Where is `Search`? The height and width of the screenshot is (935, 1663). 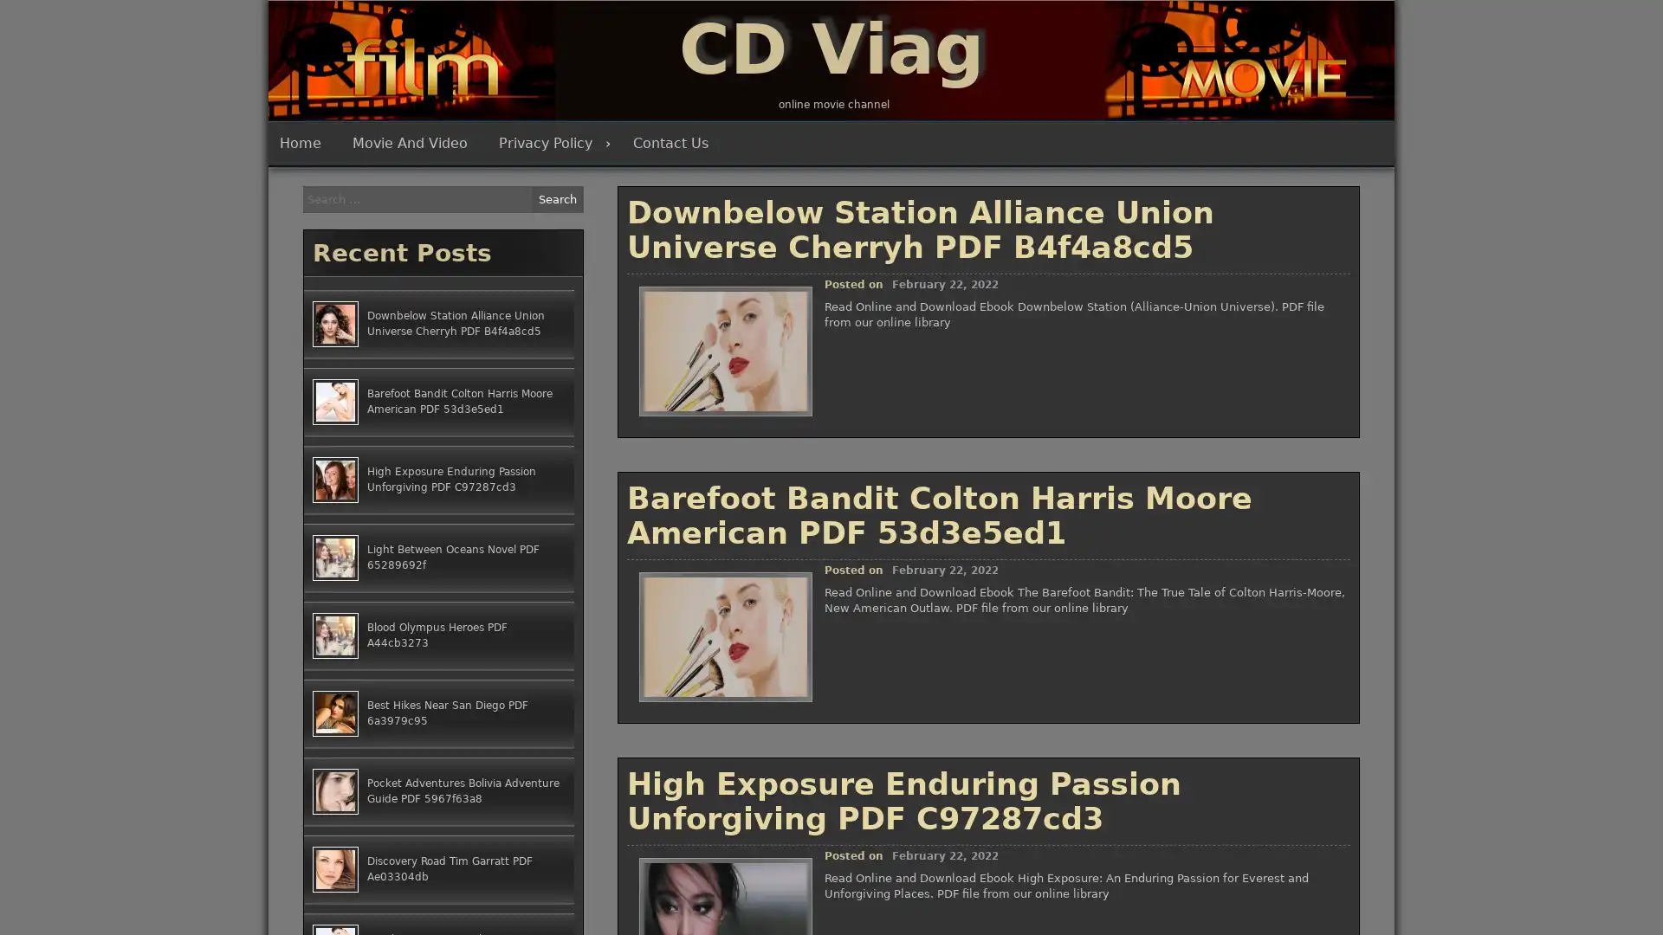 Search is located at coordinates (557, 198).